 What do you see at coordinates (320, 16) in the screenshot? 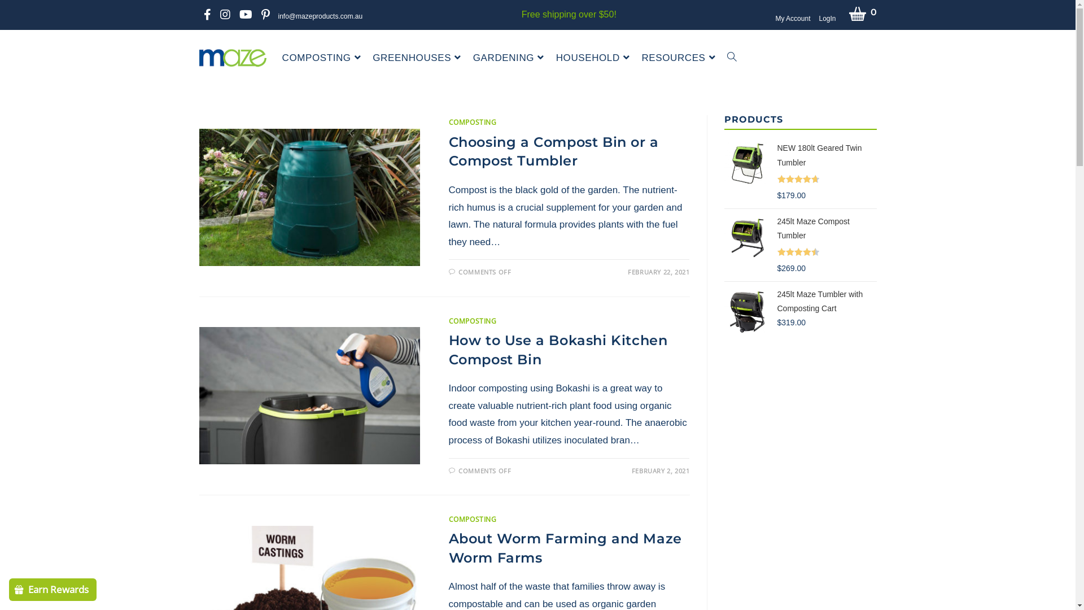
I see `'info@mazeproducts.com.au'` at bounding box center [320, 16].